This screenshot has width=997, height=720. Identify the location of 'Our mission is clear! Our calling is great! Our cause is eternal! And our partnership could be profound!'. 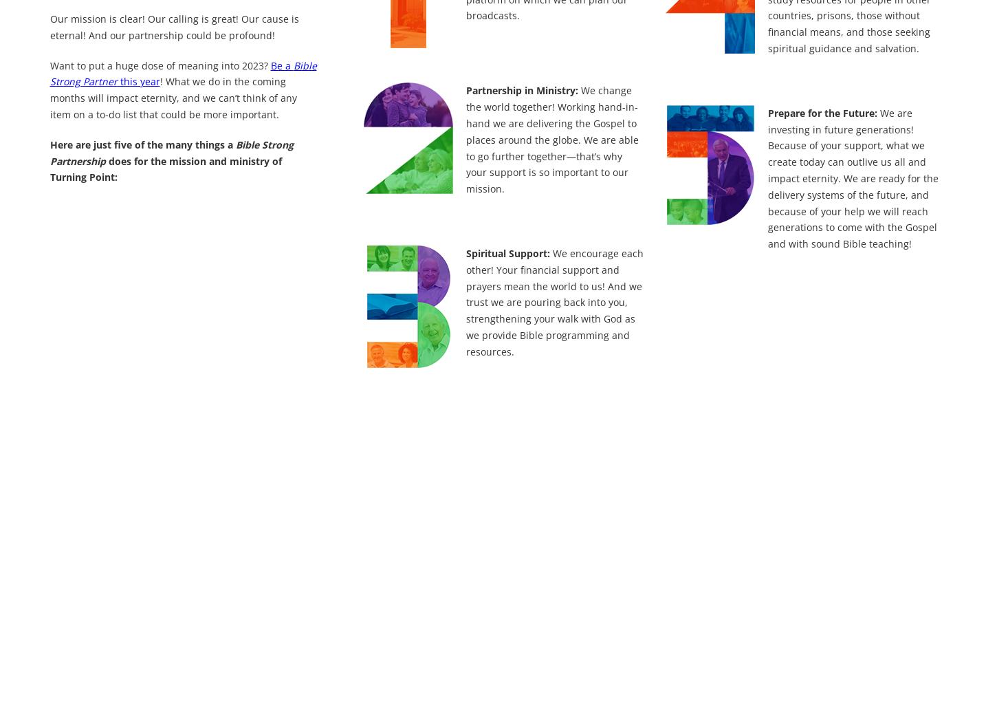
(174, 25).